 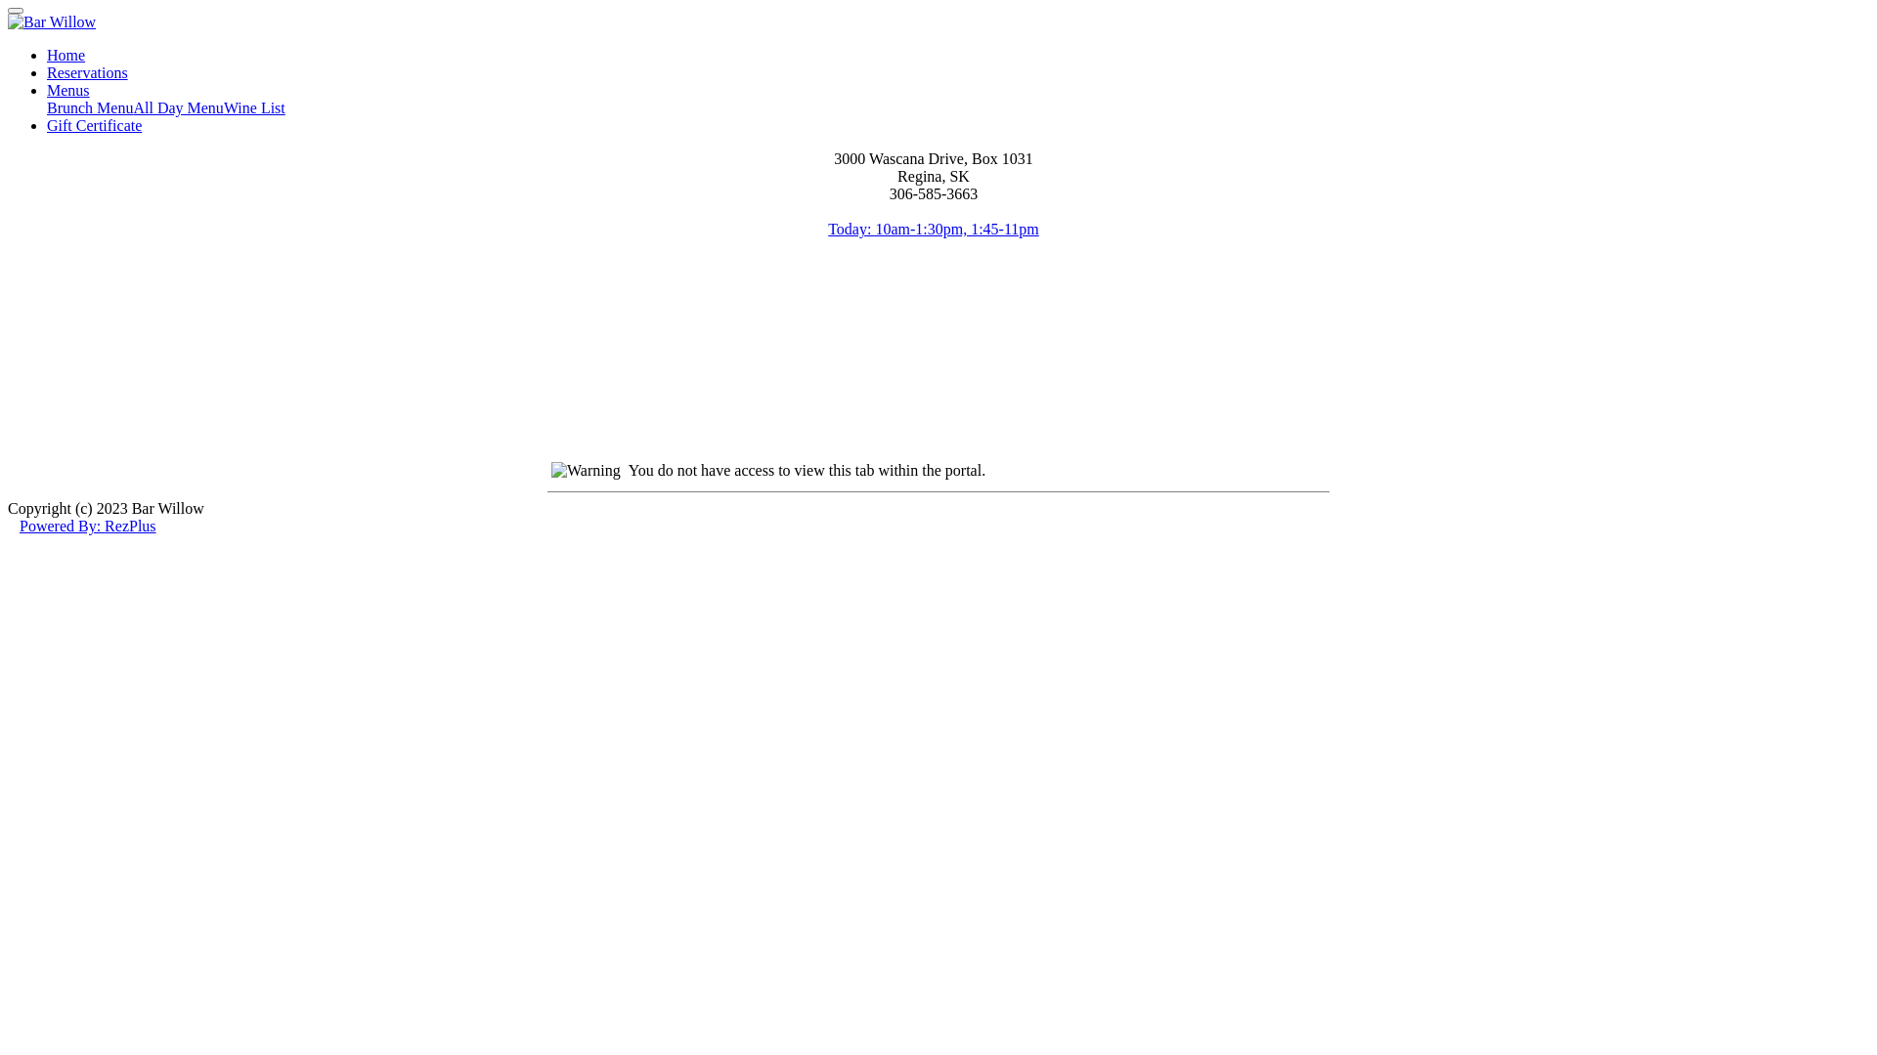 I want to click on 'Warning', so click(x=550, y=471).